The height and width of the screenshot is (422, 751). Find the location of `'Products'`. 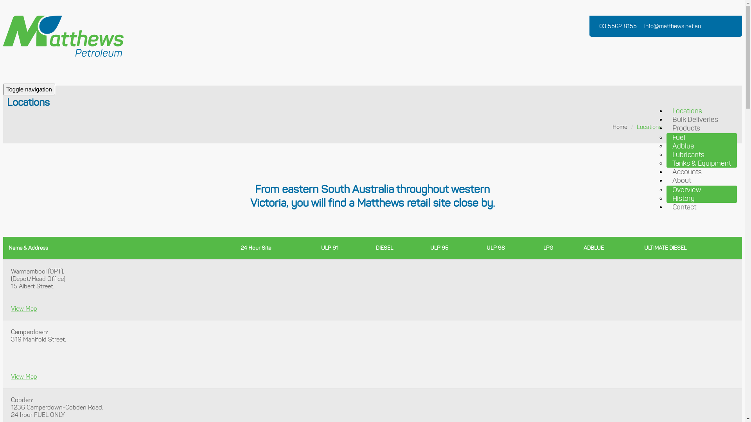

'Products' is located at coordinates (686, 127).